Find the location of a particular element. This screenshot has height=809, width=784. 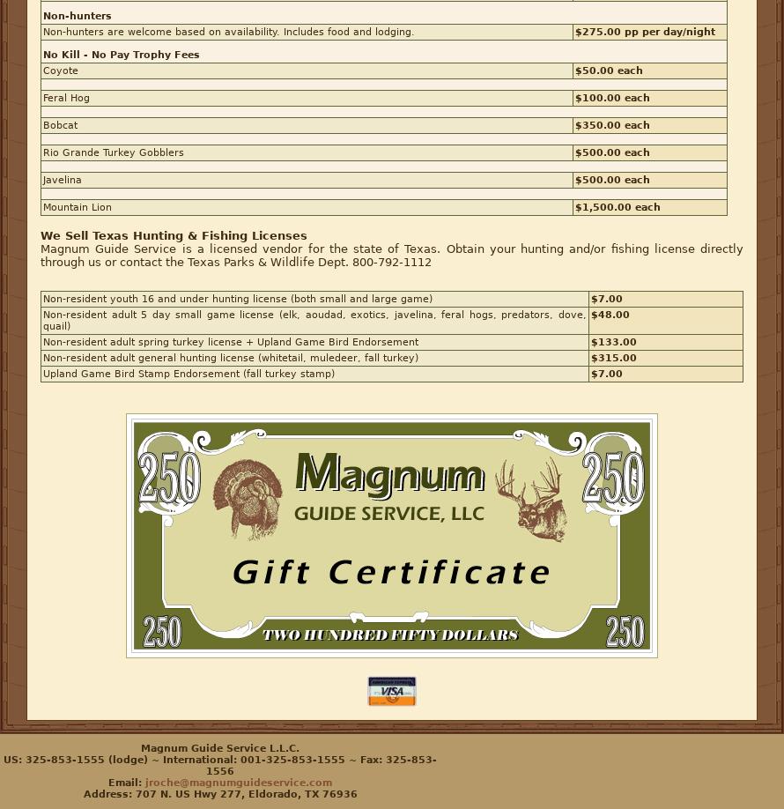

'Email:' is located at coordinates (126, 782).